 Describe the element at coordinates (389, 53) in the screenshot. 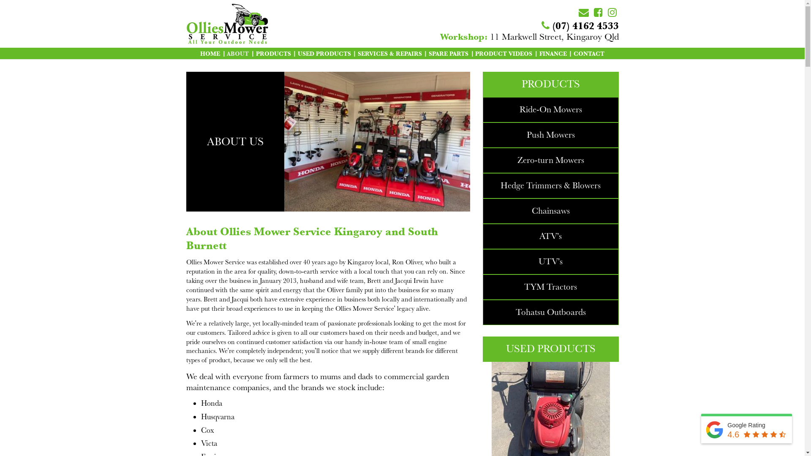

I see `'SERVICES & REPAIRS'` at that location.